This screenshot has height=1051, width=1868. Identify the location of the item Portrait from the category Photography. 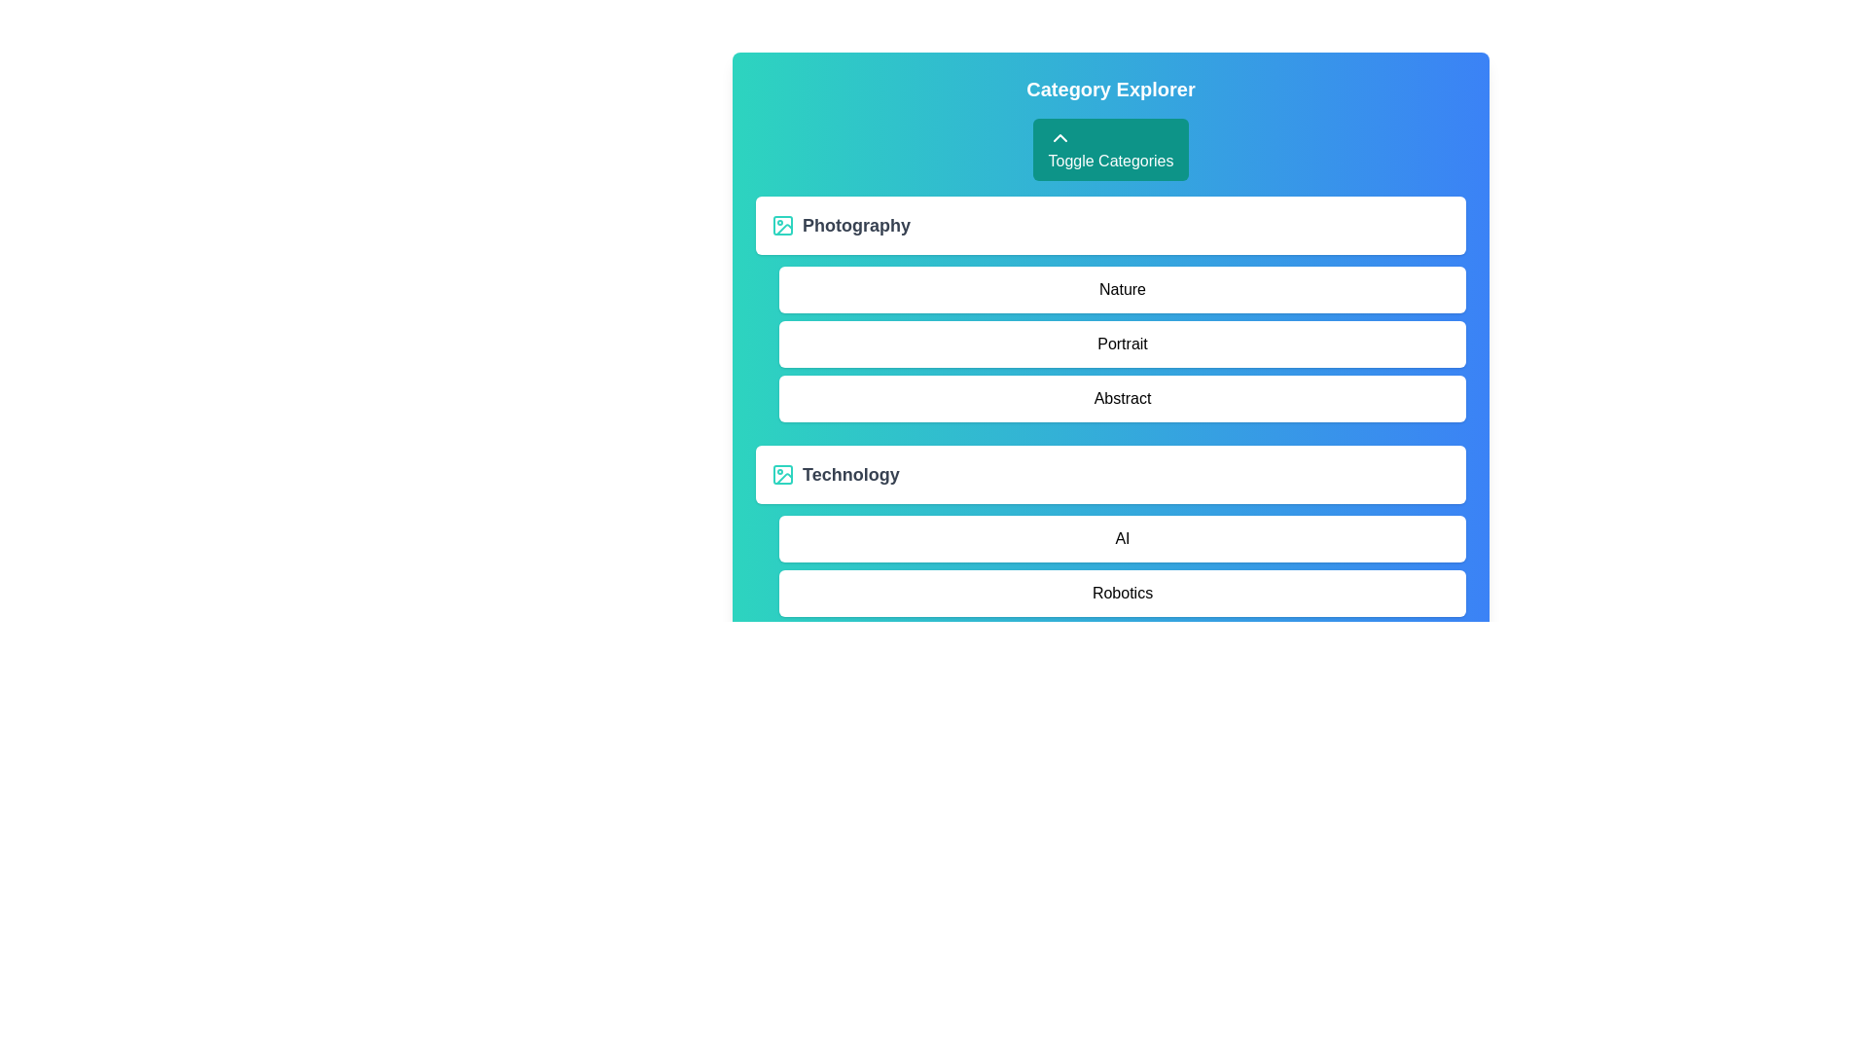
(1122, 344).